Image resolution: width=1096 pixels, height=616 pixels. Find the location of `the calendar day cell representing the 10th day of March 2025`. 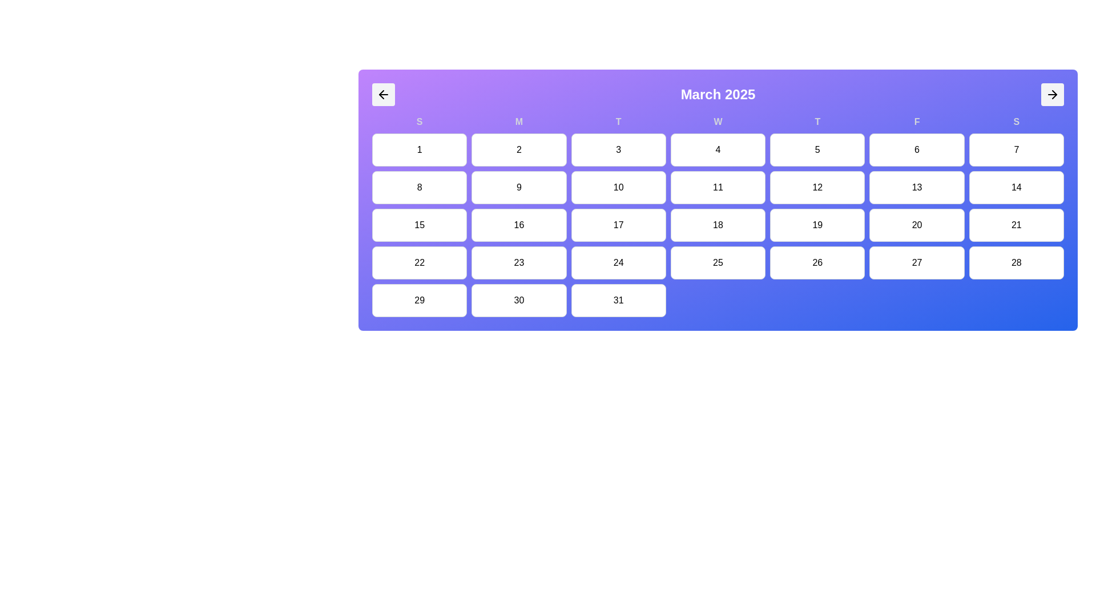

the calendar day cell representing the 10th day of March 2025 is located at coordinates (618, 187).